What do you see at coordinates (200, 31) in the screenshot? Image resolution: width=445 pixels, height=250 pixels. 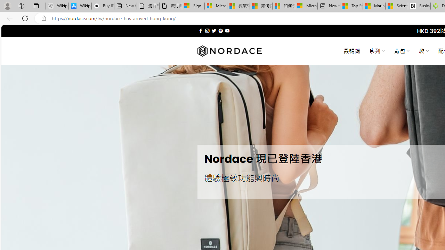 I see `'Follow on Facebook'` at bounding box center [200, 31].